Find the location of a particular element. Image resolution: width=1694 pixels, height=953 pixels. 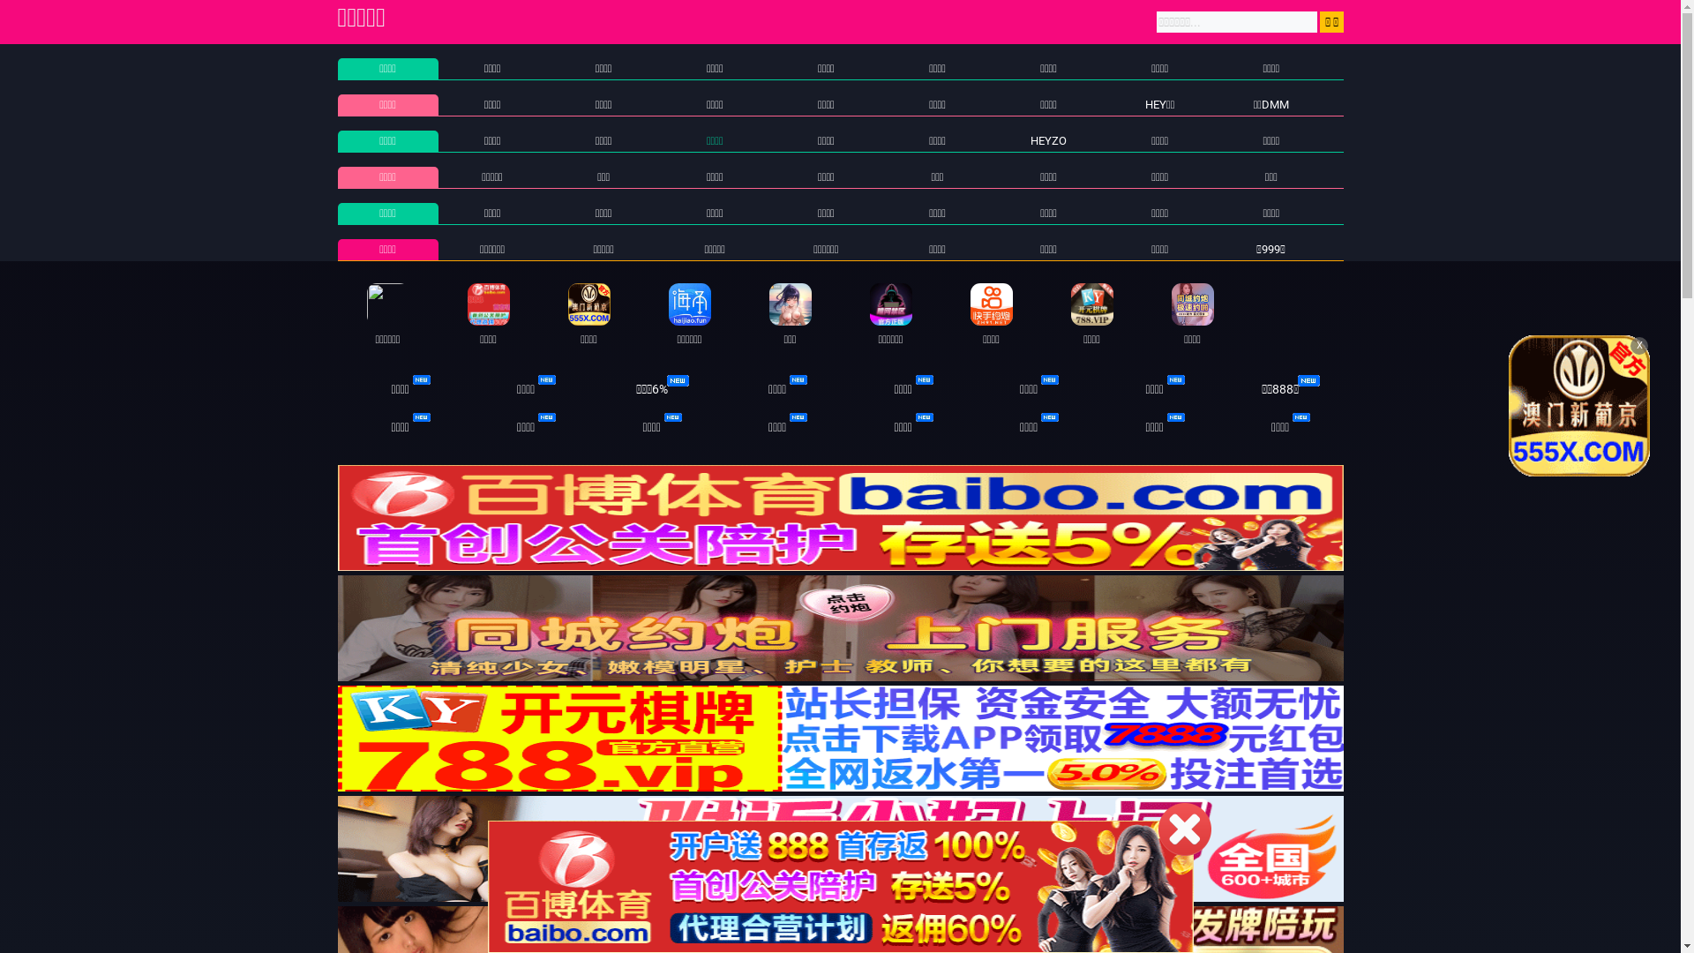

'HEYZO' is located at coordinates (1048, 139).